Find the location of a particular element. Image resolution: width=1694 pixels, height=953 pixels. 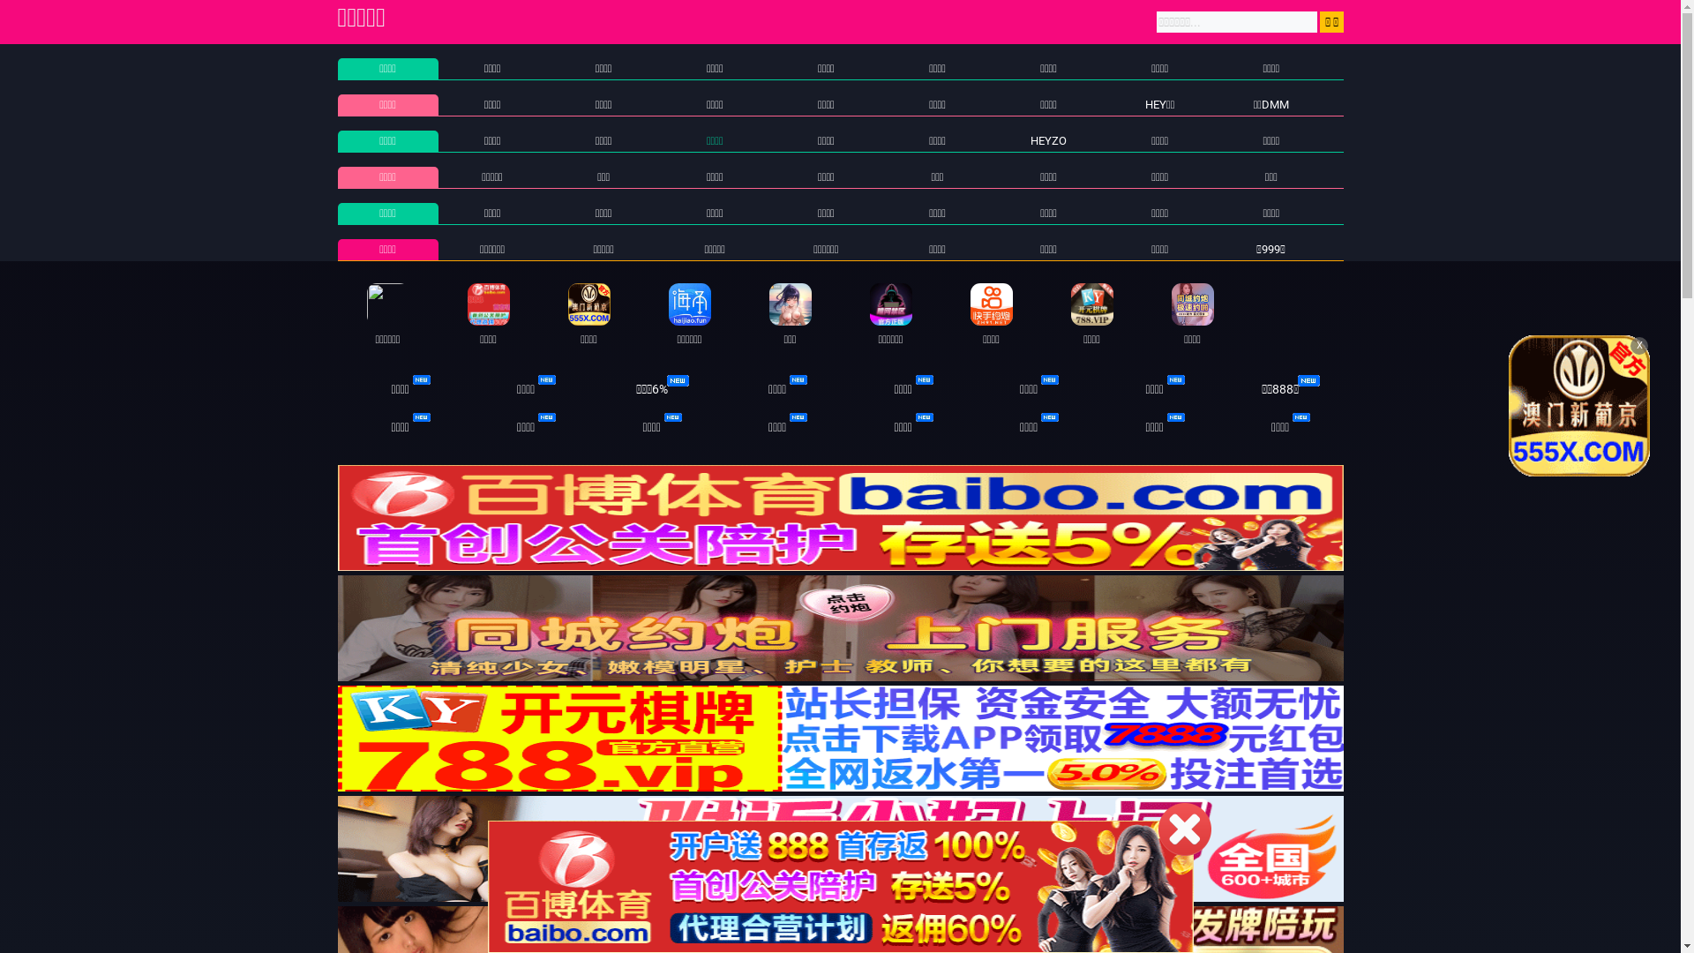

'HEYZO' is located at coordinates (1048, 139).